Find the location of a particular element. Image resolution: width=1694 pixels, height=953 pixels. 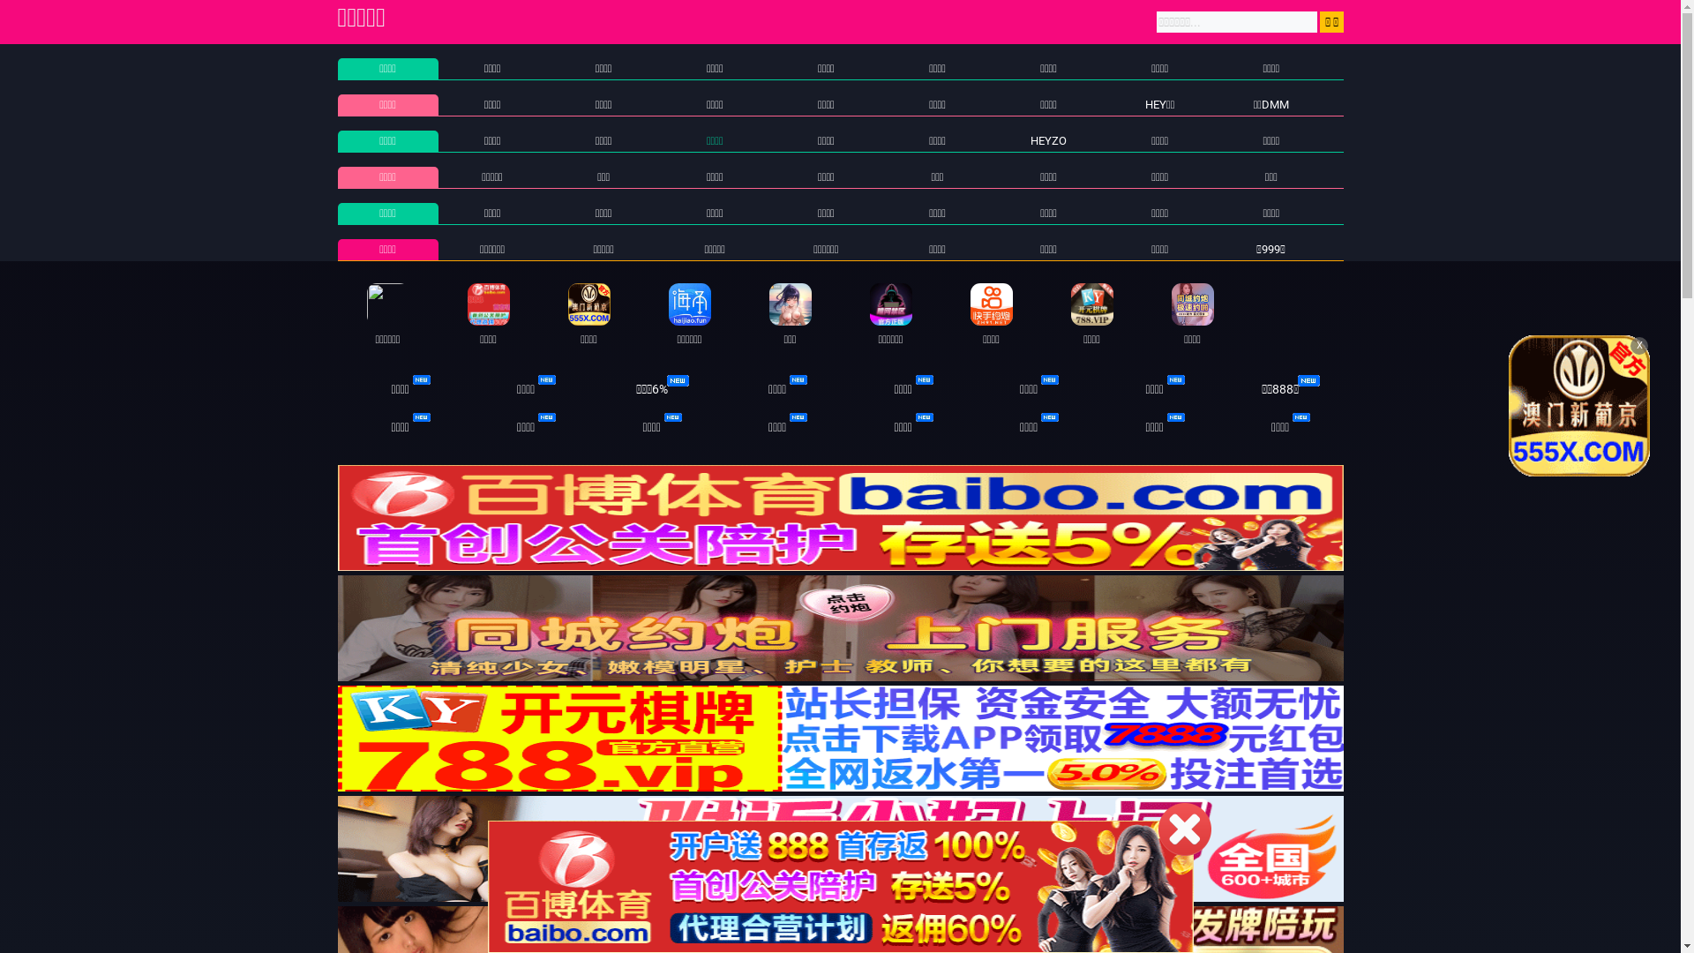

'HEYZO' is located at coordinates (1048, 139).